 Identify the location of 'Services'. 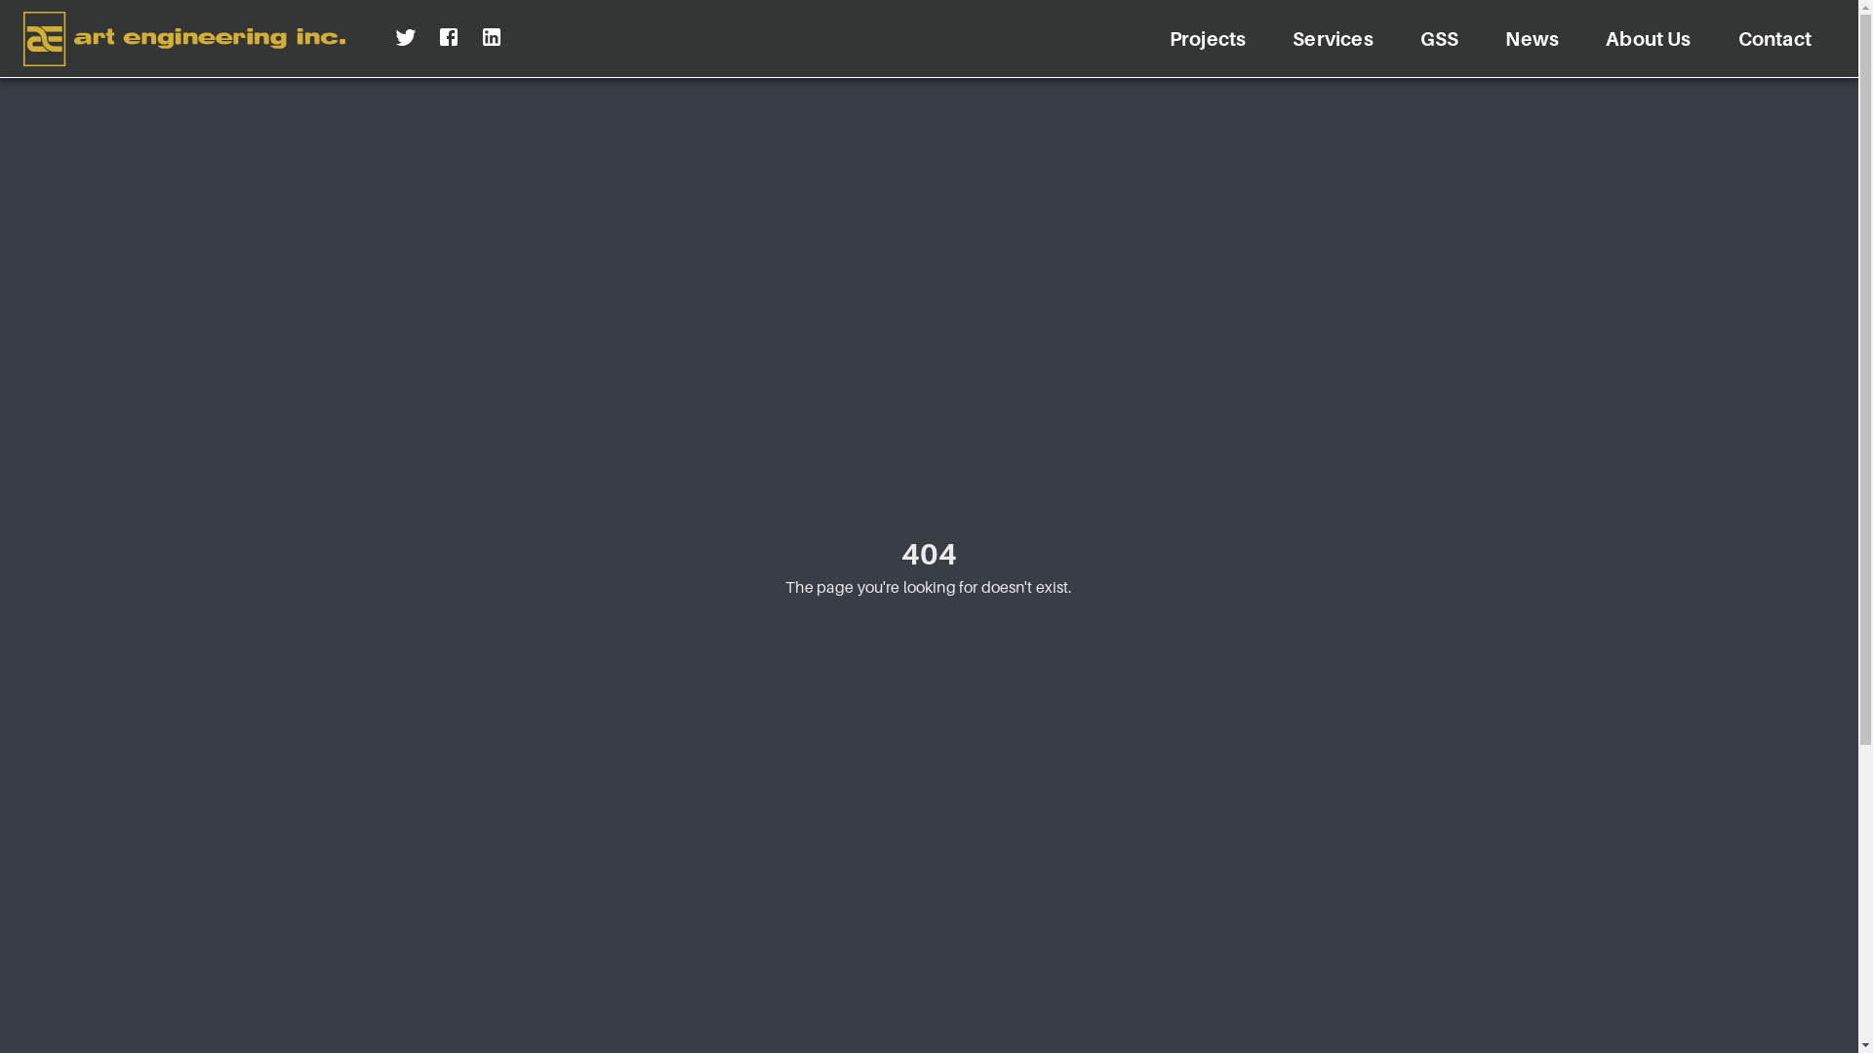
(1268, 38).